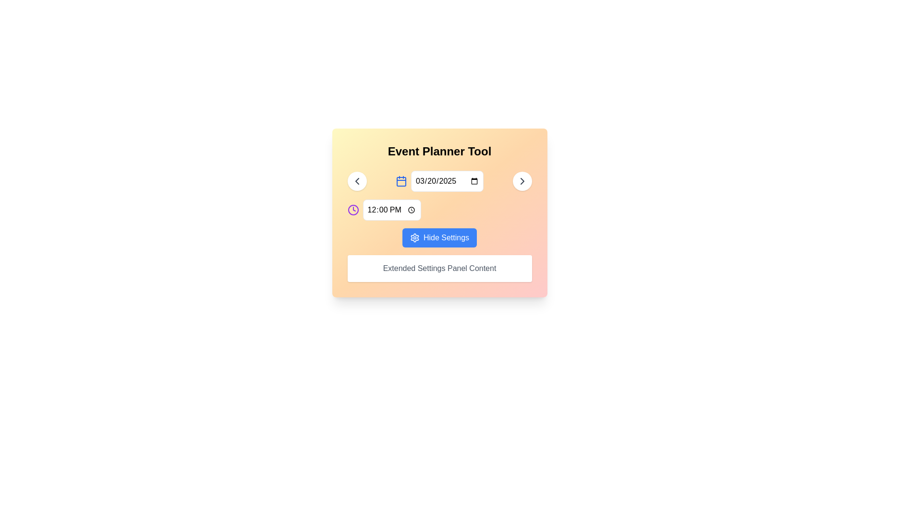 This screenshot has height=518, width=922. Describe the element at coordinates (522, 181) in the screenshot. I see `the rightwards-pointing arrow icon in the 'Event Planner Tool' panel to trigger a tooltip` at that location.